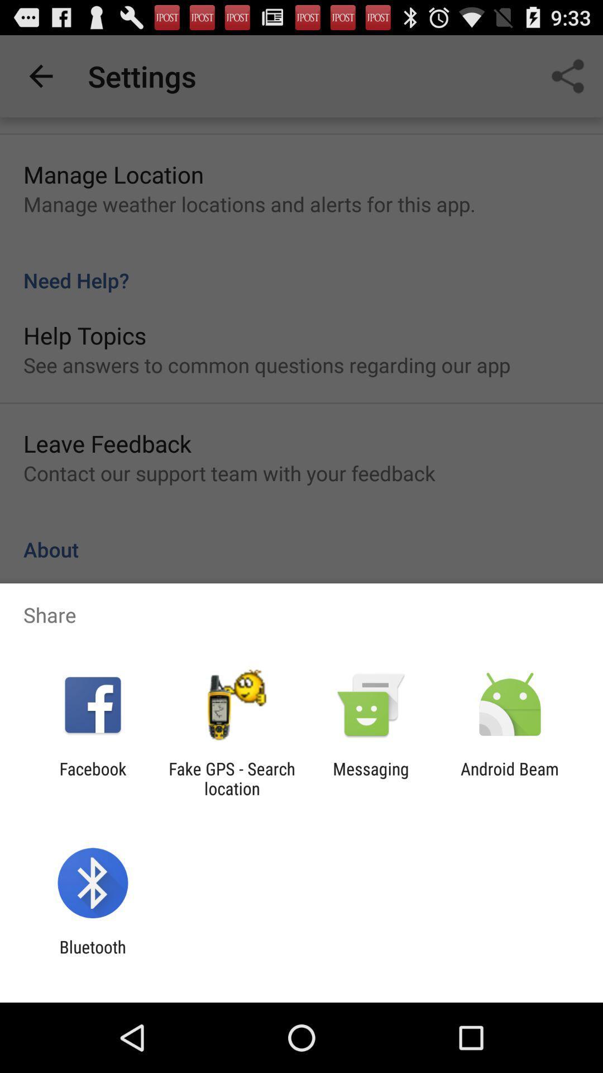 This screenshot has width=603, height=1073. Describe the element at coordinates (510, 778) in the screenshot. I see `item to the right of the messaging` at that location.